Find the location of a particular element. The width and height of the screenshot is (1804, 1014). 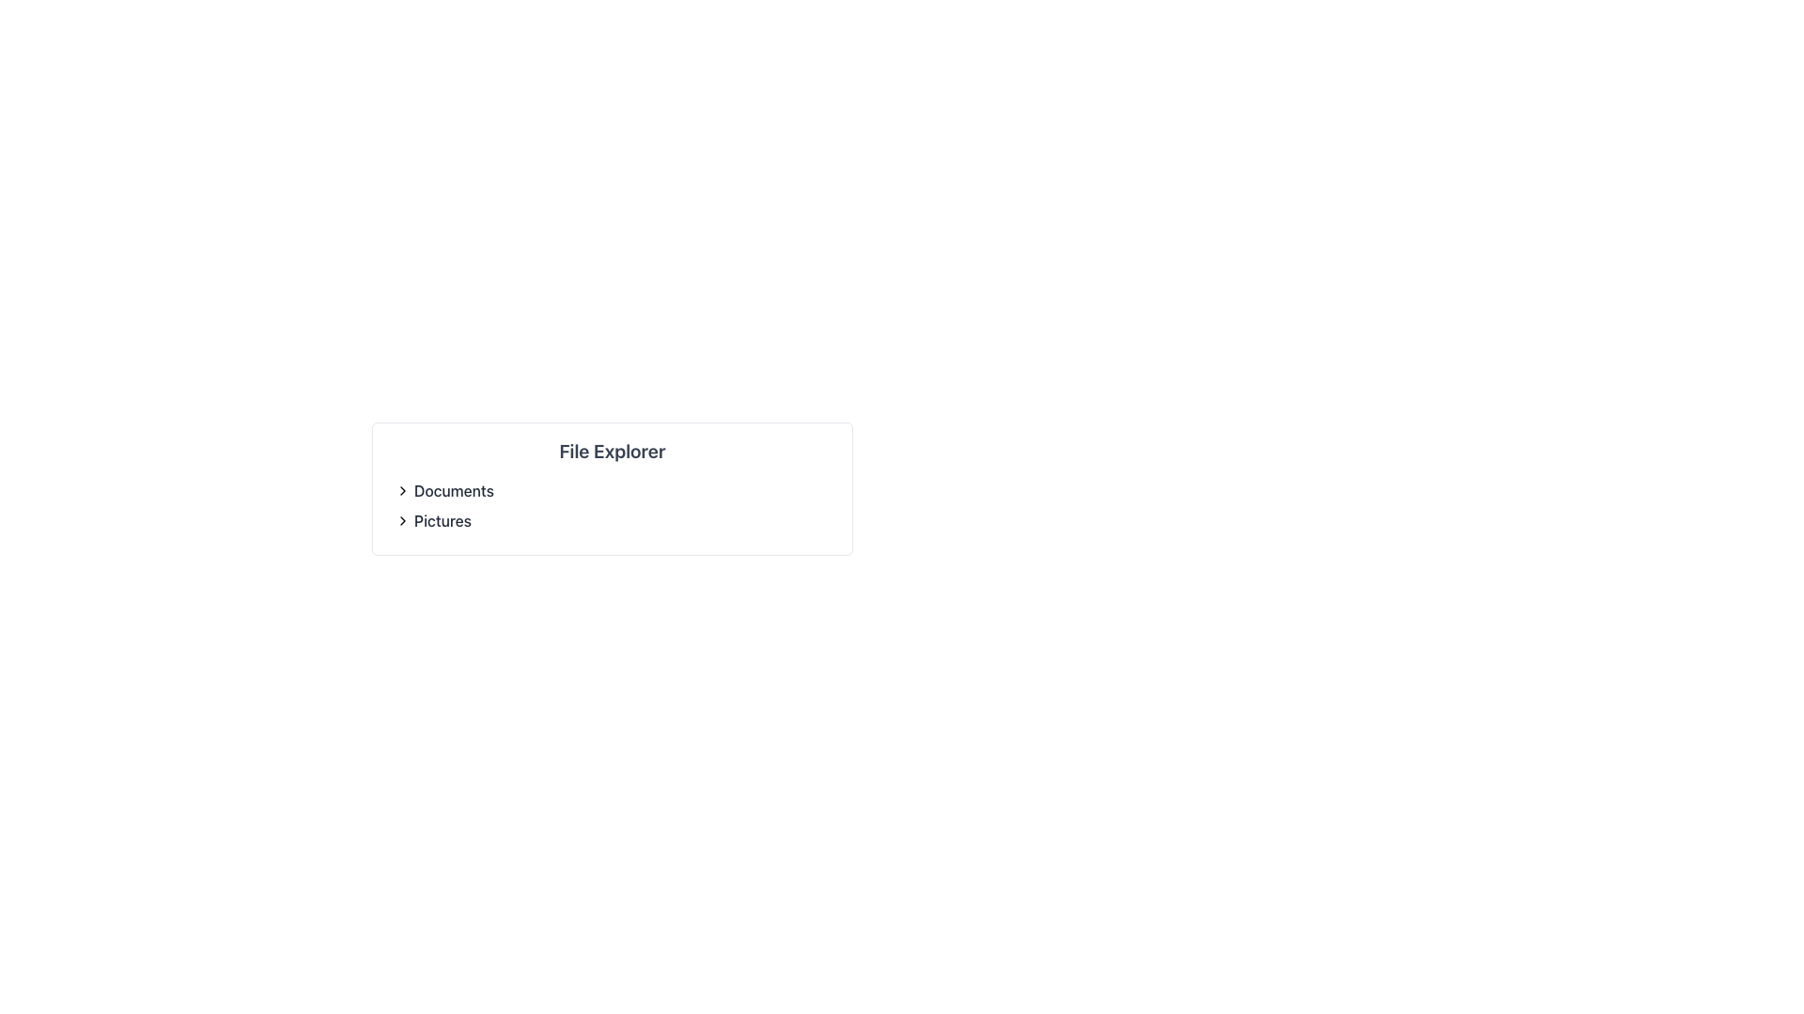

the 'Documents' text label, which is positioned under the 'File Explorer' header and is the first entry in a vertical list is located at coordinates (454, 490).